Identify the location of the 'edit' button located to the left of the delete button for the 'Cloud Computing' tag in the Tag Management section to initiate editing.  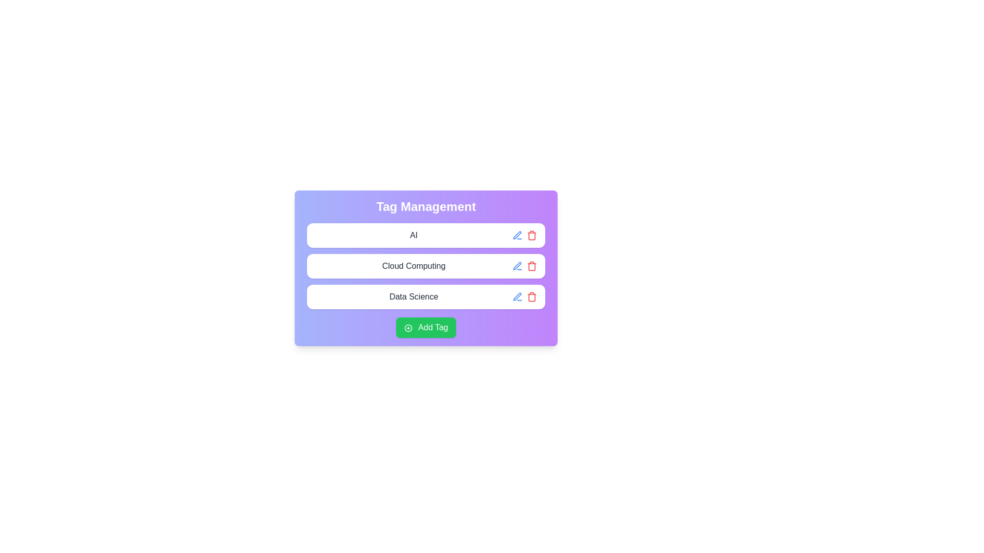
(517, 266).